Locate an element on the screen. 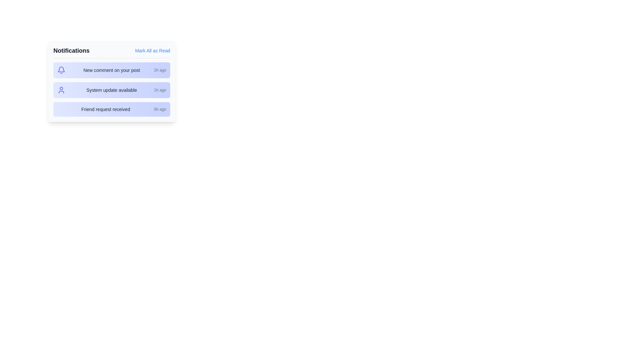 Image resolution: width=637 pixels, height=358 pixels. the Text Label that indicates a new comment notification, located in the first notification card under the 'Notifications' header, positioned between the indigo bell icon and the time indicator '2h ago' is located at coordinates (111, 70).